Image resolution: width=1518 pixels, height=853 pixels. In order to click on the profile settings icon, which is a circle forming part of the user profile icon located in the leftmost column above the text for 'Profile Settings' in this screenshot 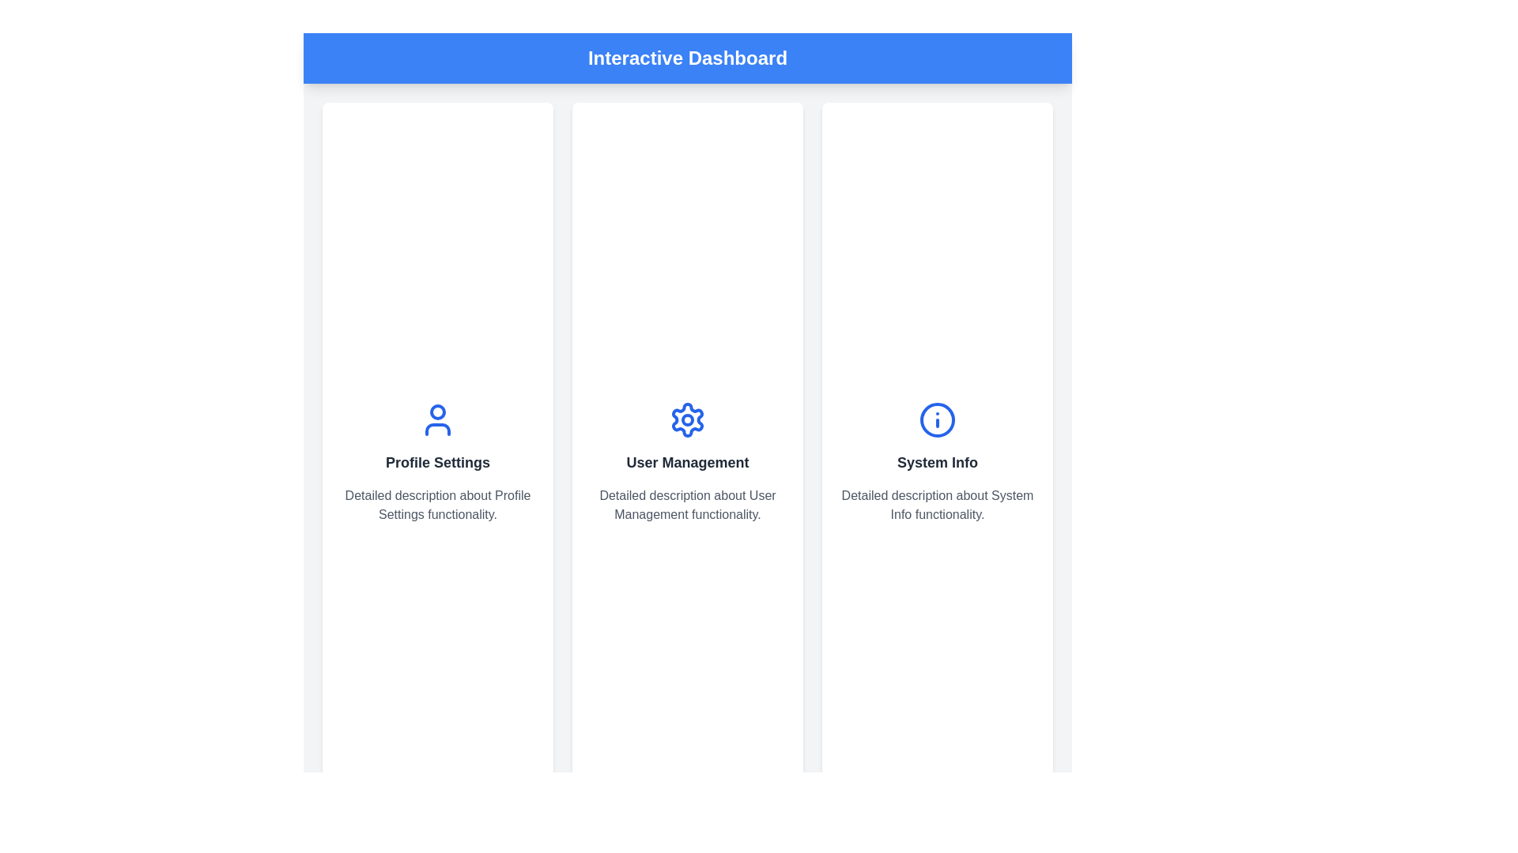, I will do `click(437, 411)`.